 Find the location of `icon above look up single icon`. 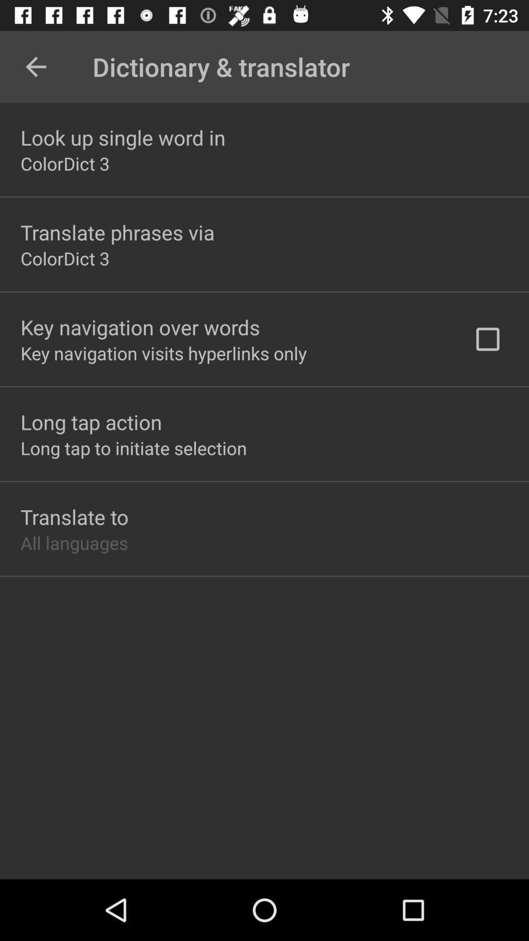

icon above look up single icon is located at coordinates (35, 66).